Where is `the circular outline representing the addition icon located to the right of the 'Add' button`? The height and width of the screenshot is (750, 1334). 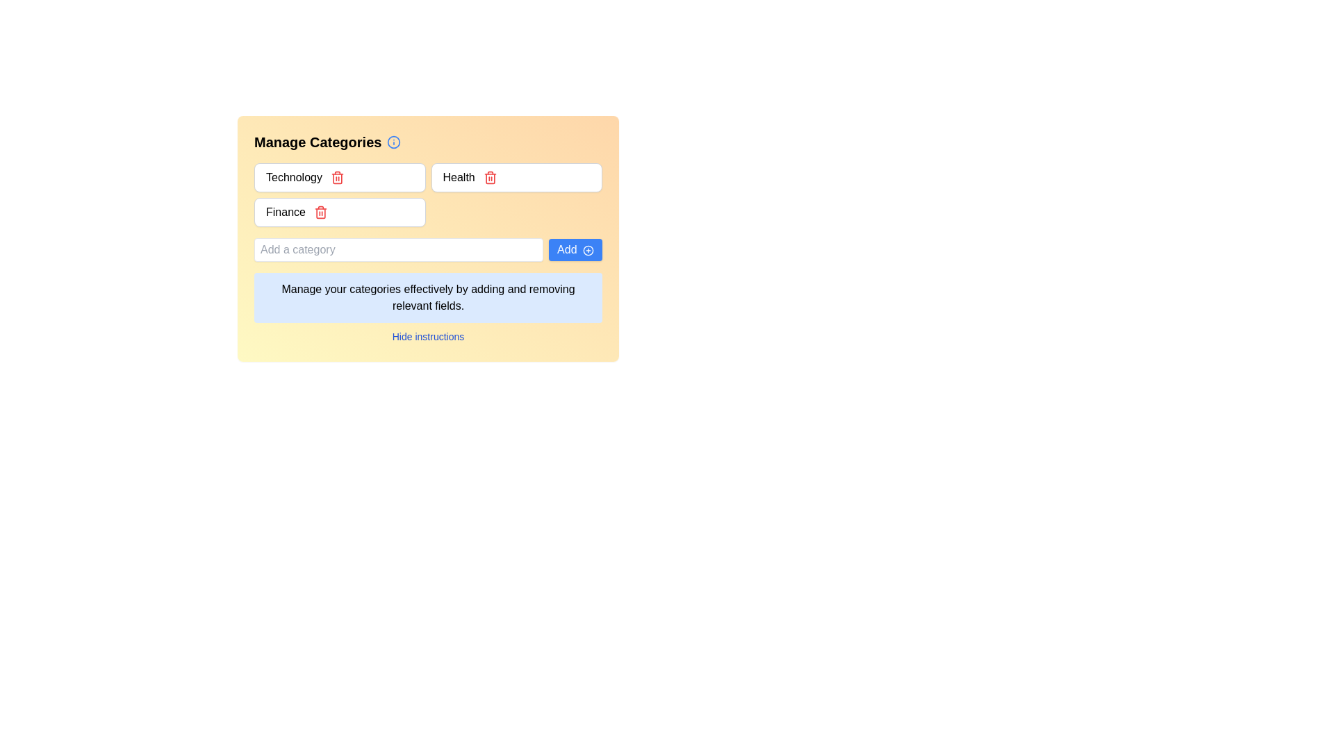 the circular outline representing the addition icon located to the right of the 'Add' button is located at coordinates (588, 249).